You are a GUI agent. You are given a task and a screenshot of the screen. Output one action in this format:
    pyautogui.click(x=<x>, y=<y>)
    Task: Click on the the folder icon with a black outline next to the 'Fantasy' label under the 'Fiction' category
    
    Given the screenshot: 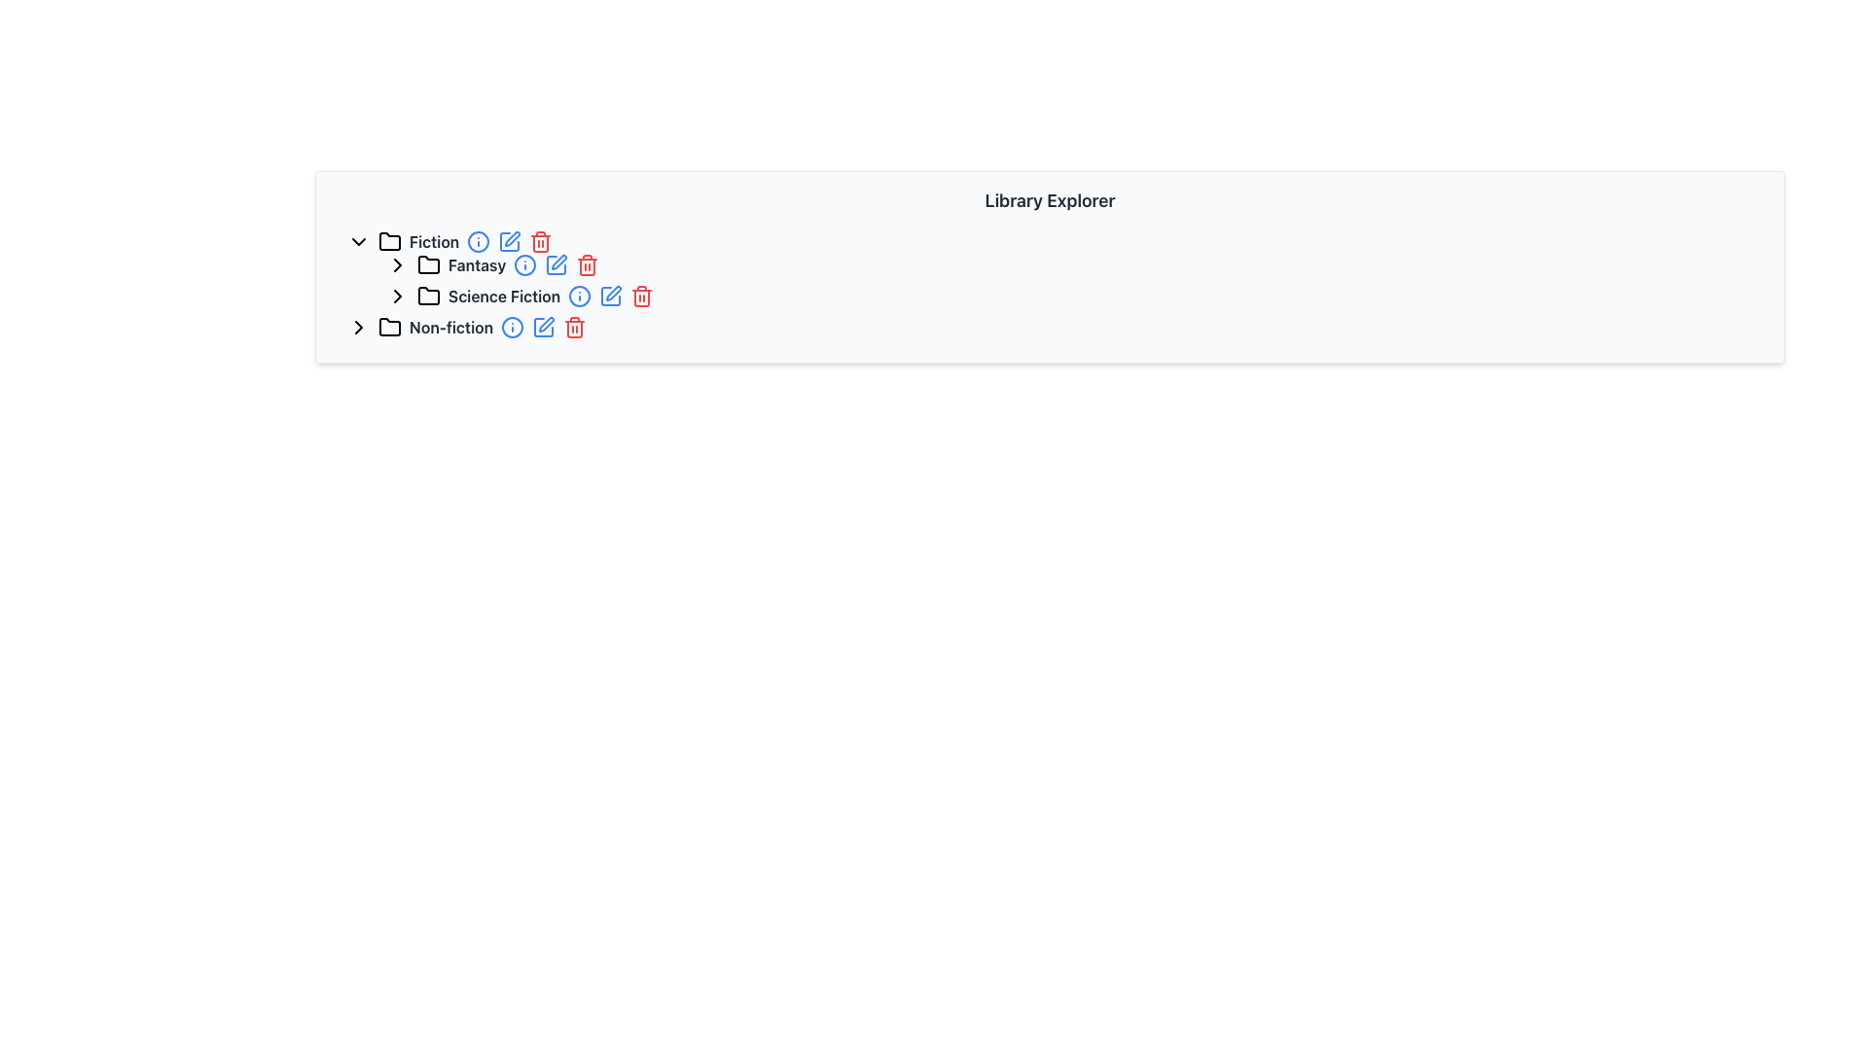 What is the action you would take?
    pyautogui.click(x=428, y=264)
    